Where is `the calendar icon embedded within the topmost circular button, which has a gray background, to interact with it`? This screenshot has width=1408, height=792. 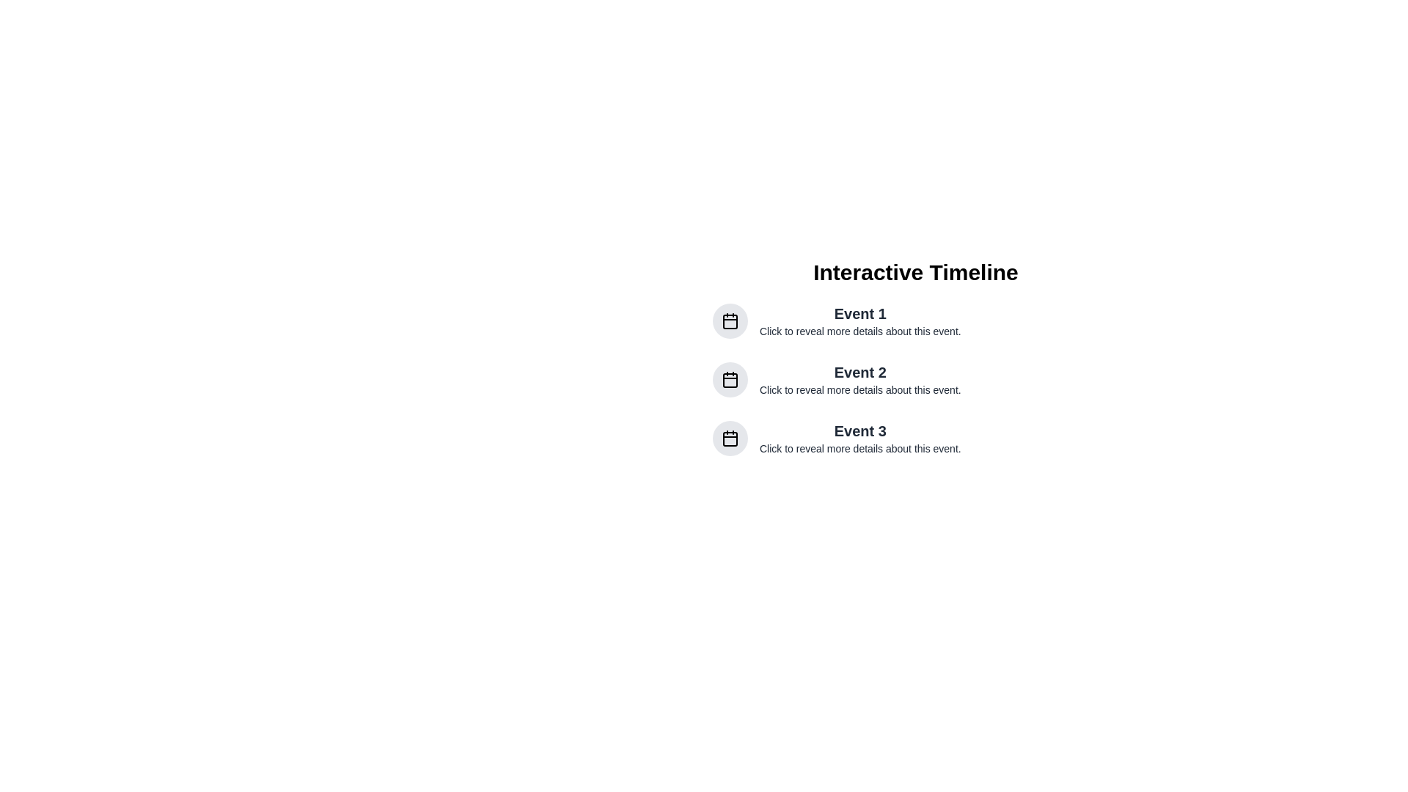
the calendar icon embedded within the topmost circular button, which has a gray background, to interact with it is located at coordinates (730, 320).